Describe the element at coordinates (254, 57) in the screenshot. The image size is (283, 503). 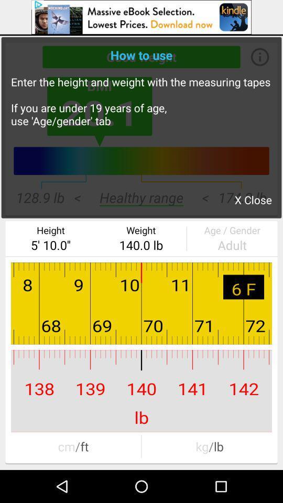
I see `the info icon` at that location.